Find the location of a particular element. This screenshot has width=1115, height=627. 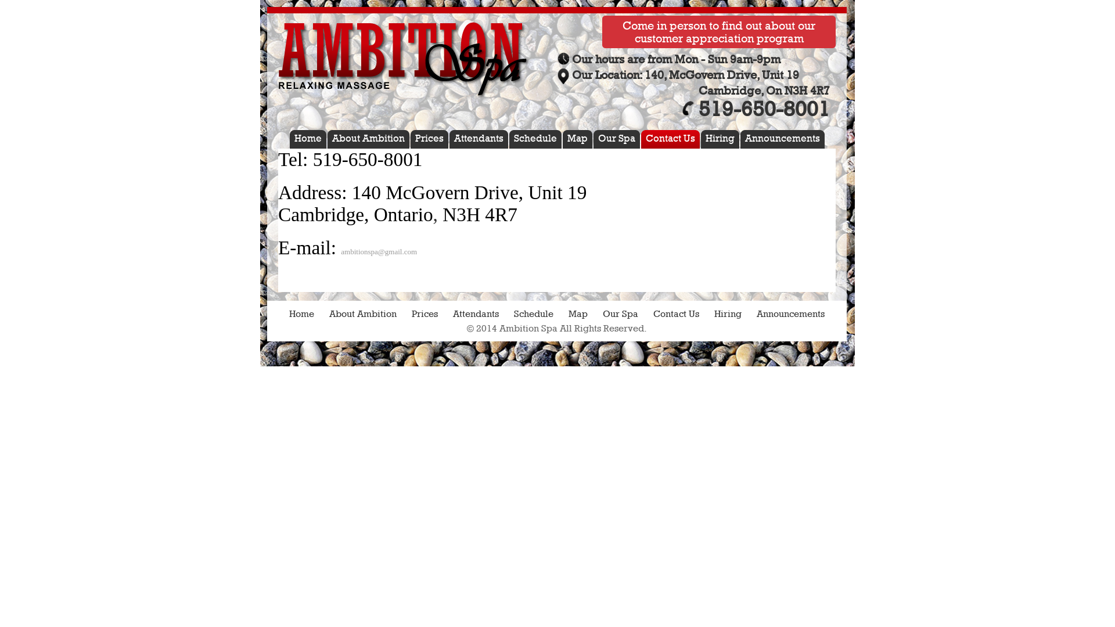

'Our Spa' is located at coordinates (618, 138).